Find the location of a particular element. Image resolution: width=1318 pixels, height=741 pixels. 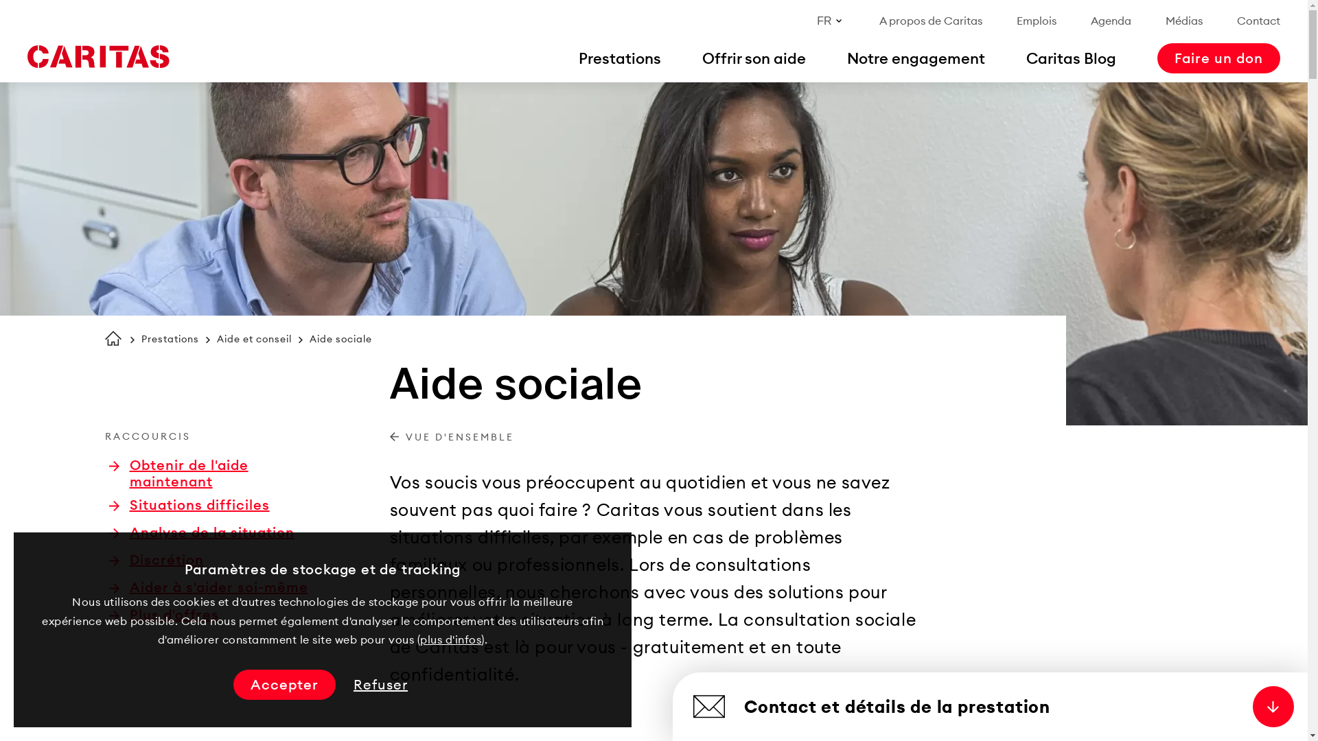

'Prestations' is located at coordinates (618, 57).